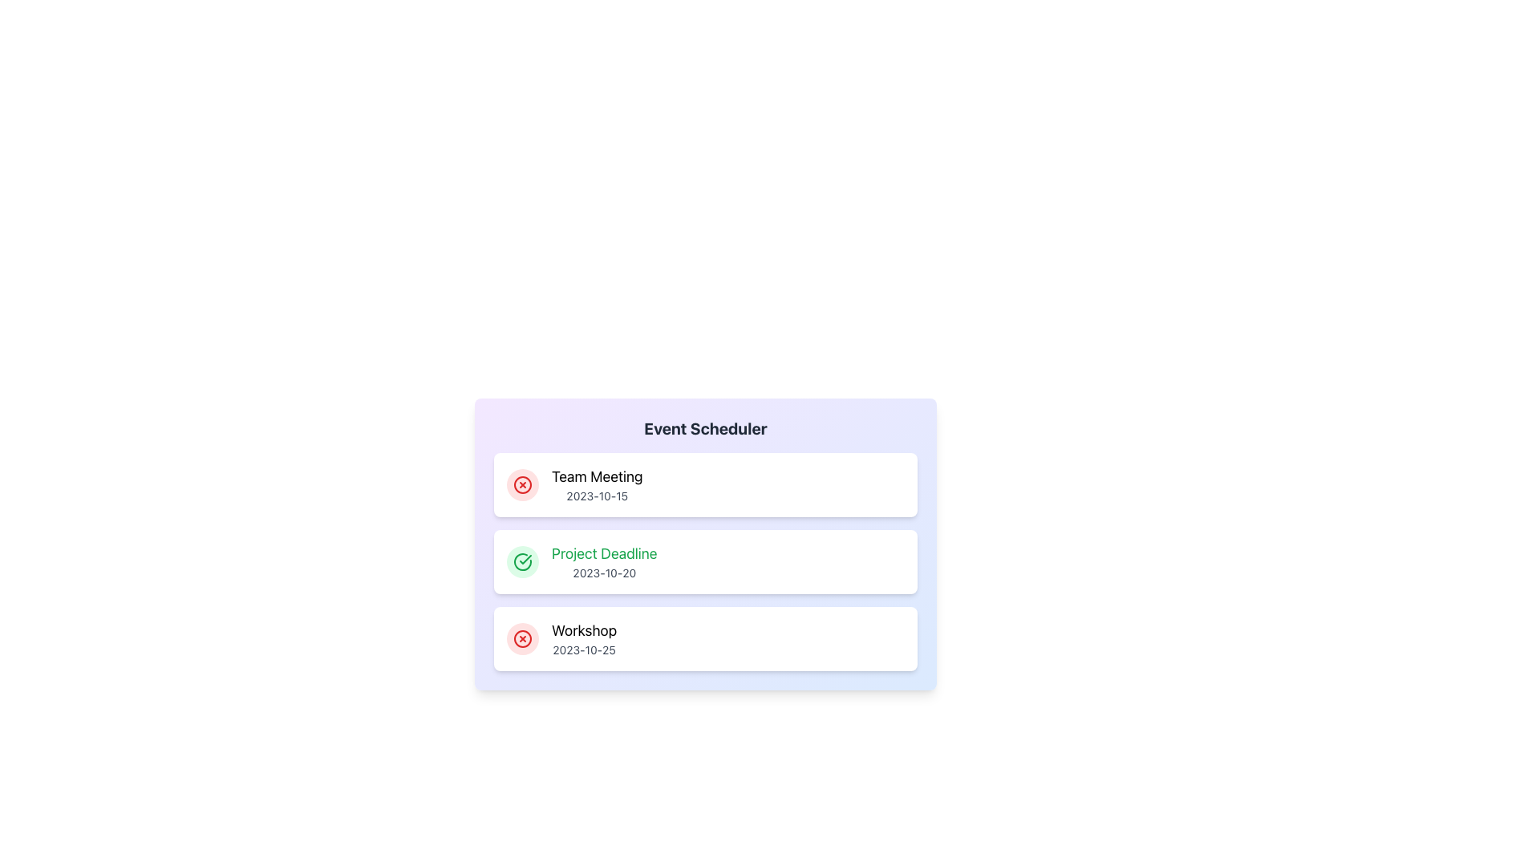 The image size is (1540, 866). What do you see at coordinates (583, 638) in the screenshot?
I see `event entry text display that shows the event name 'Workshop' and the date '2023-10-25' in the bottommost section of the vertical list on the Event Scheduler interface` at bounding box center [583, 638].